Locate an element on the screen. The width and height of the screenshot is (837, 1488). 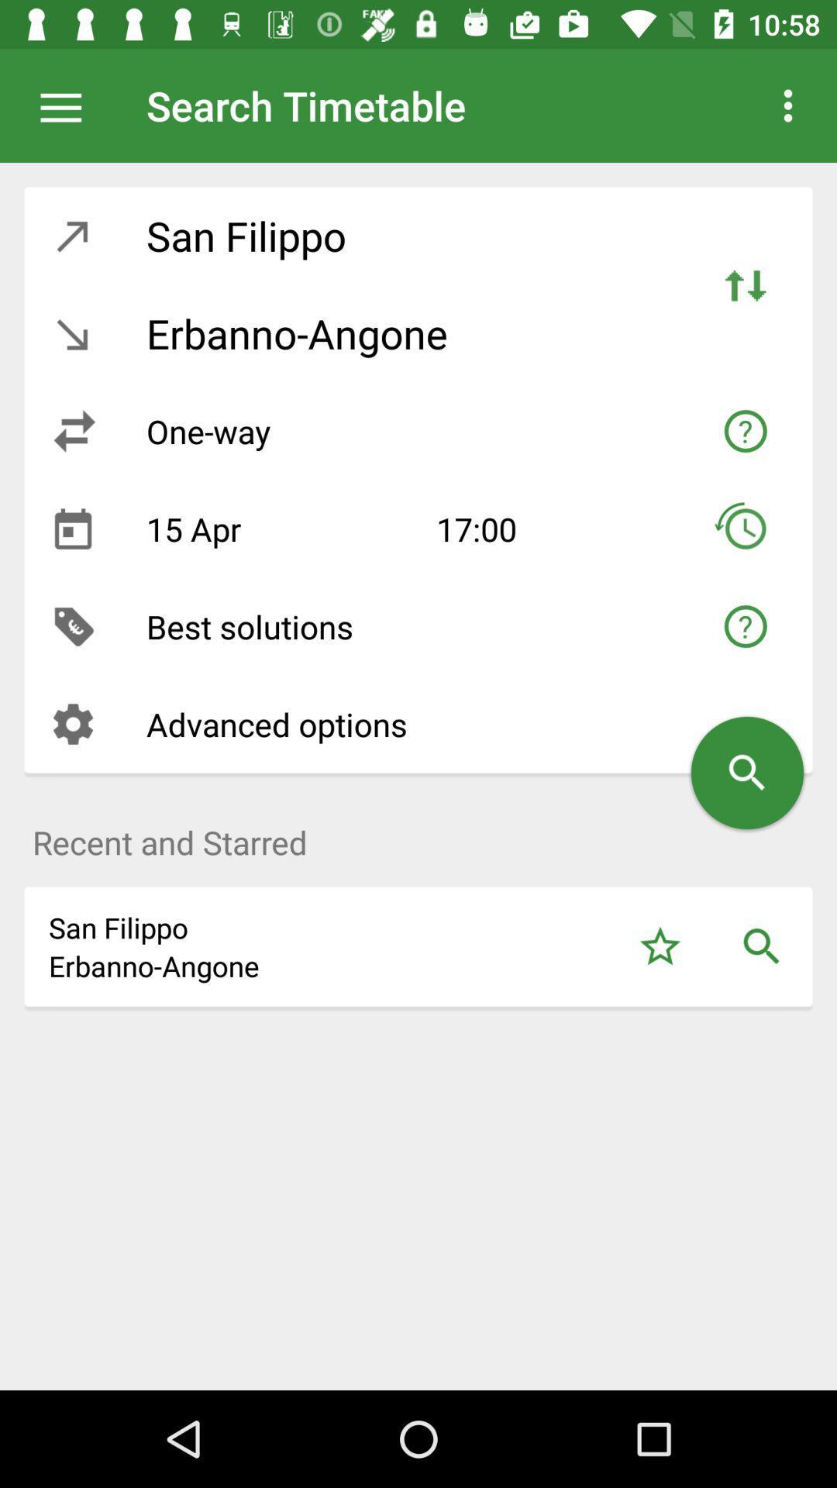
the icon next to the 15 apr icon is located at coordinates (73, 529).